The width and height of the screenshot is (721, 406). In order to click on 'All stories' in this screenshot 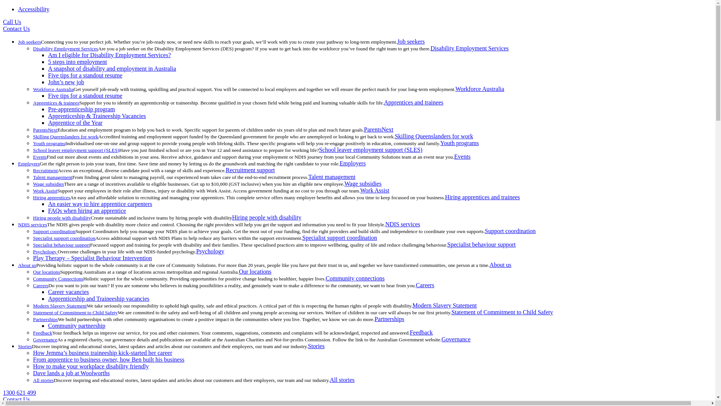, I will do `click(342, 380)`.